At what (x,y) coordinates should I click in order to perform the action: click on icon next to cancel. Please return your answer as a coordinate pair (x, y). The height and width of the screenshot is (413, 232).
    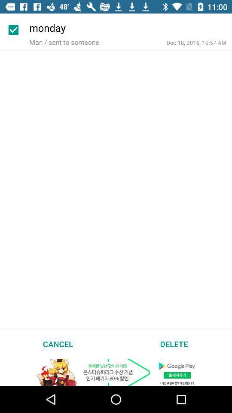
    Looking at the image, I should click on (174, 344).